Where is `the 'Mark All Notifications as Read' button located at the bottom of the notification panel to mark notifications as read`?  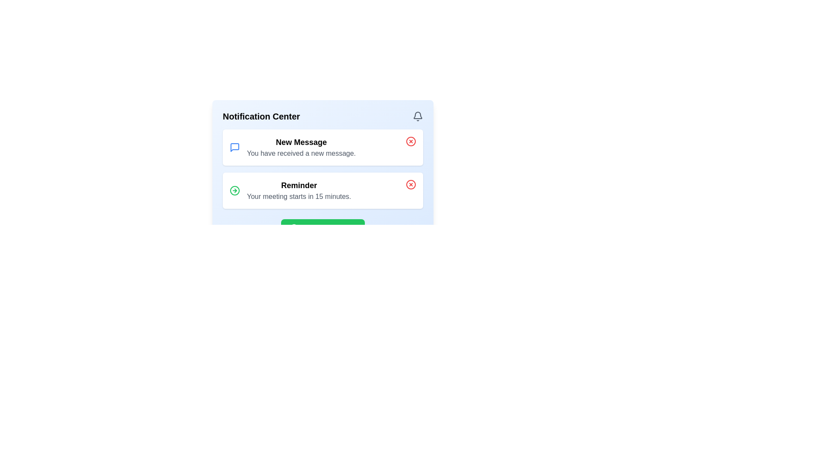 the 'Mark All Notifications as Read' button located at the bottom of the notification panel to mark notifications as read is located at coordinates (323, 227).